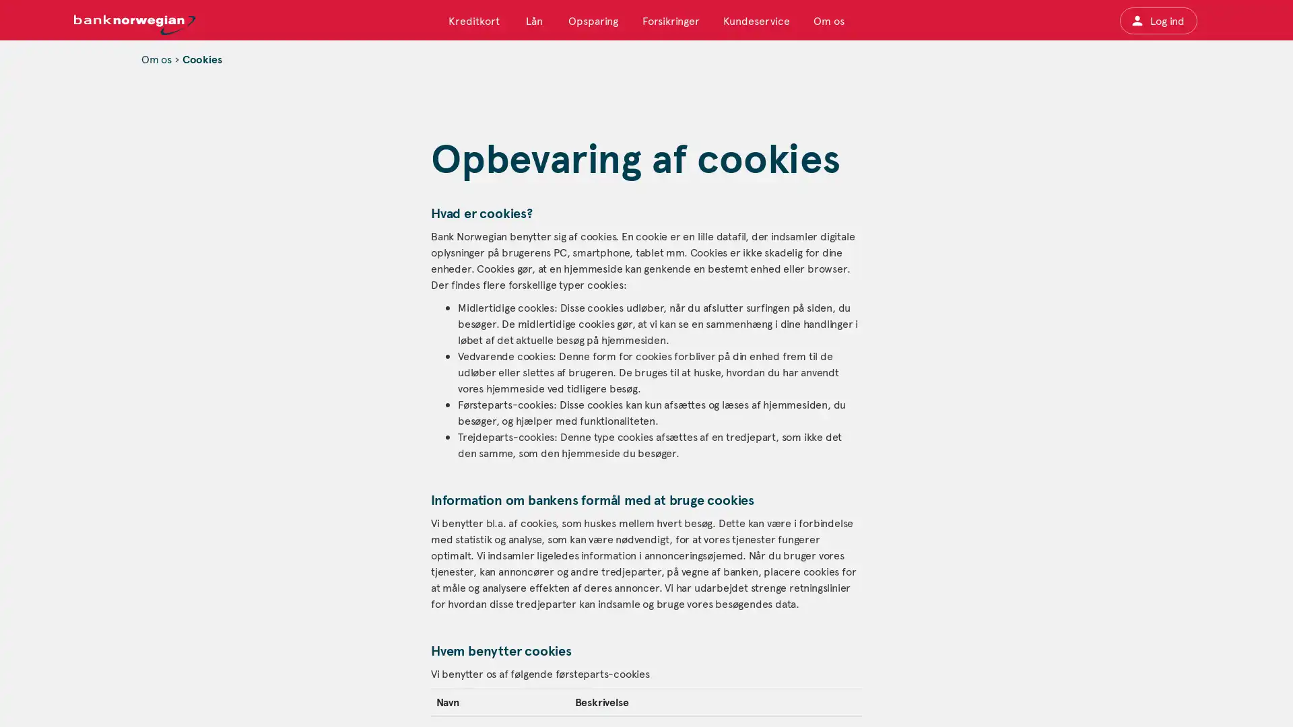  I want to click on Om os, so click(827, 20).